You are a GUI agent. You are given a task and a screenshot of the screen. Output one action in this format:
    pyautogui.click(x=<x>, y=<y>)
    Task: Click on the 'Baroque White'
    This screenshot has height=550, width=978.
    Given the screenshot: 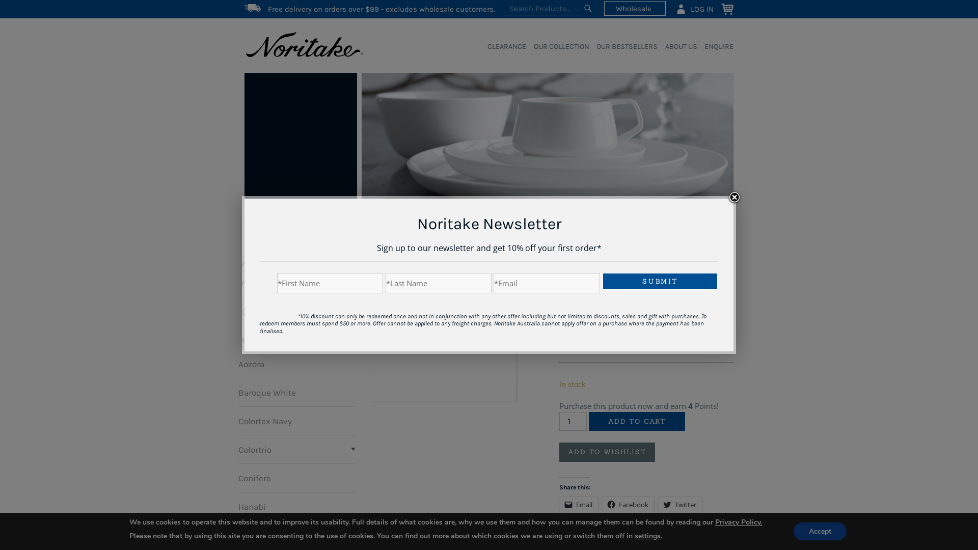 What is the action you would take?
    pyautogui.click(x=267, y=392)
    